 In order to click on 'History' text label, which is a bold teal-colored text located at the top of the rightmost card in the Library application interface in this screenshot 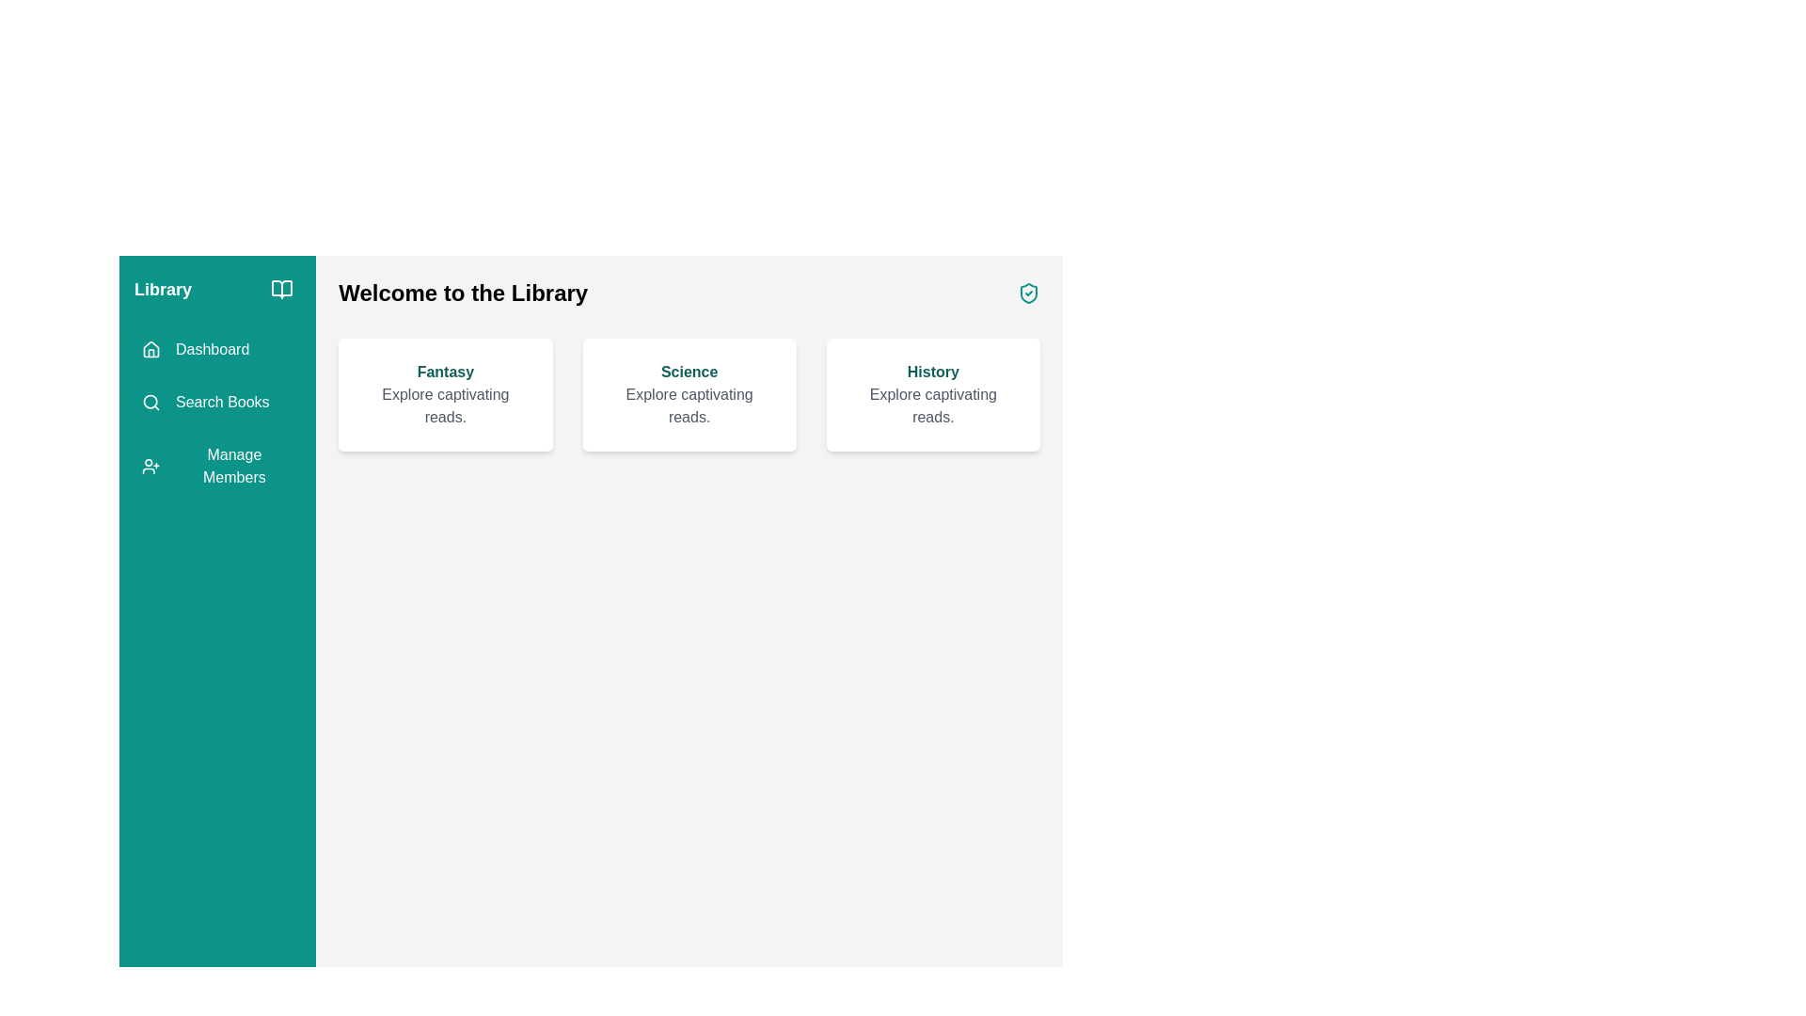, I will do `click(933, 373)`.